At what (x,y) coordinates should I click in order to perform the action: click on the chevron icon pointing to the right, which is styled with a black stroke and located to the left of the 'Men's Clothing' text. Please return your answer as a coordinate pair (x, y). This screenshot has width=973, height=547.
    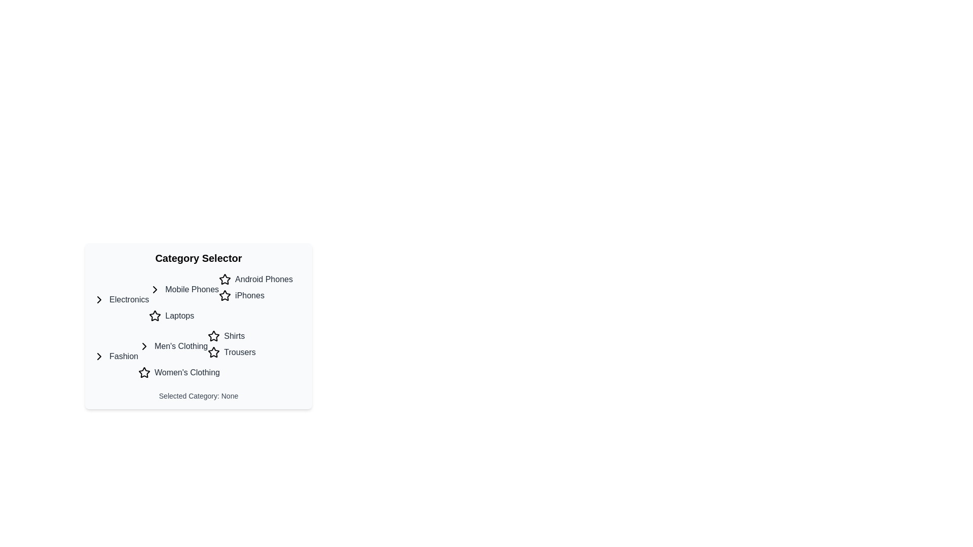
    Looking at the image, I should click on (143, 345).